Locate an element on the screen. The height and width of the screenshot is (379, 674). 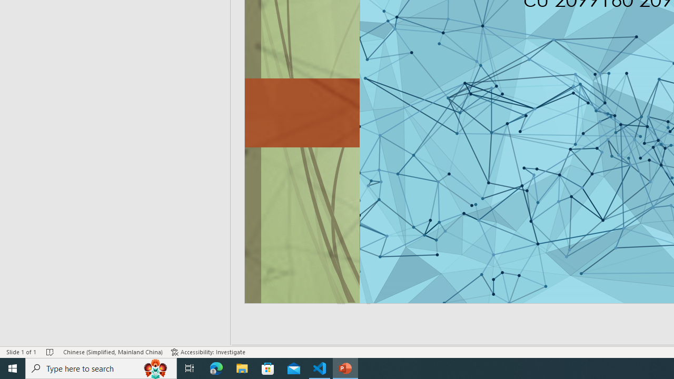
'Accessibility Checker Accessibility: Investigate' is located at coordinates (208, 352).